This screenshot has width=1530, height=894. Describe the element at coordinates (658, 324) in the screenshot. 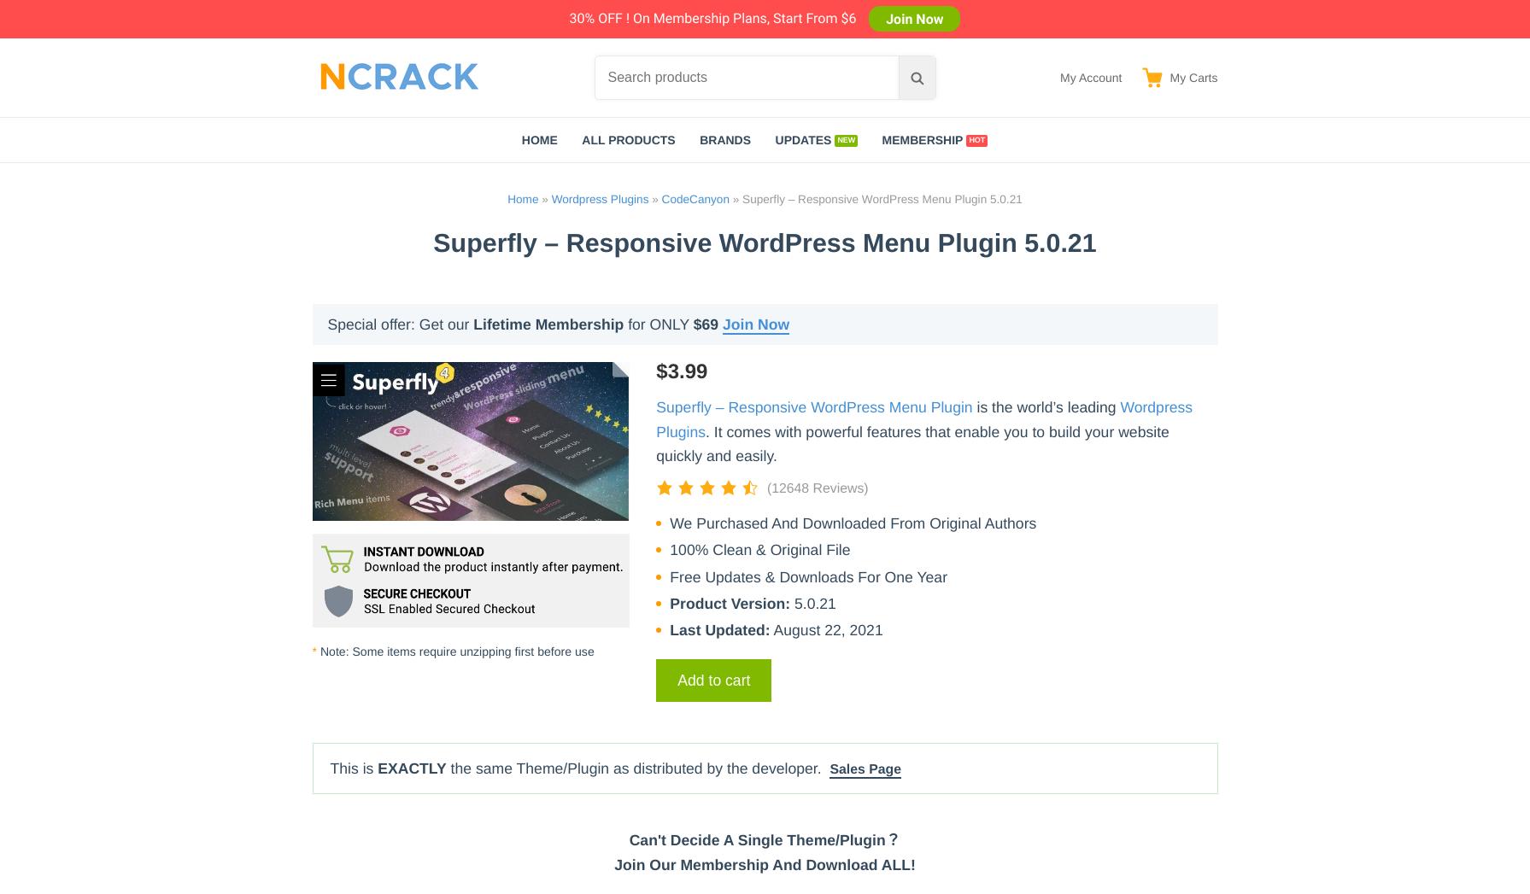

I see `'for ONLY'` at that location.